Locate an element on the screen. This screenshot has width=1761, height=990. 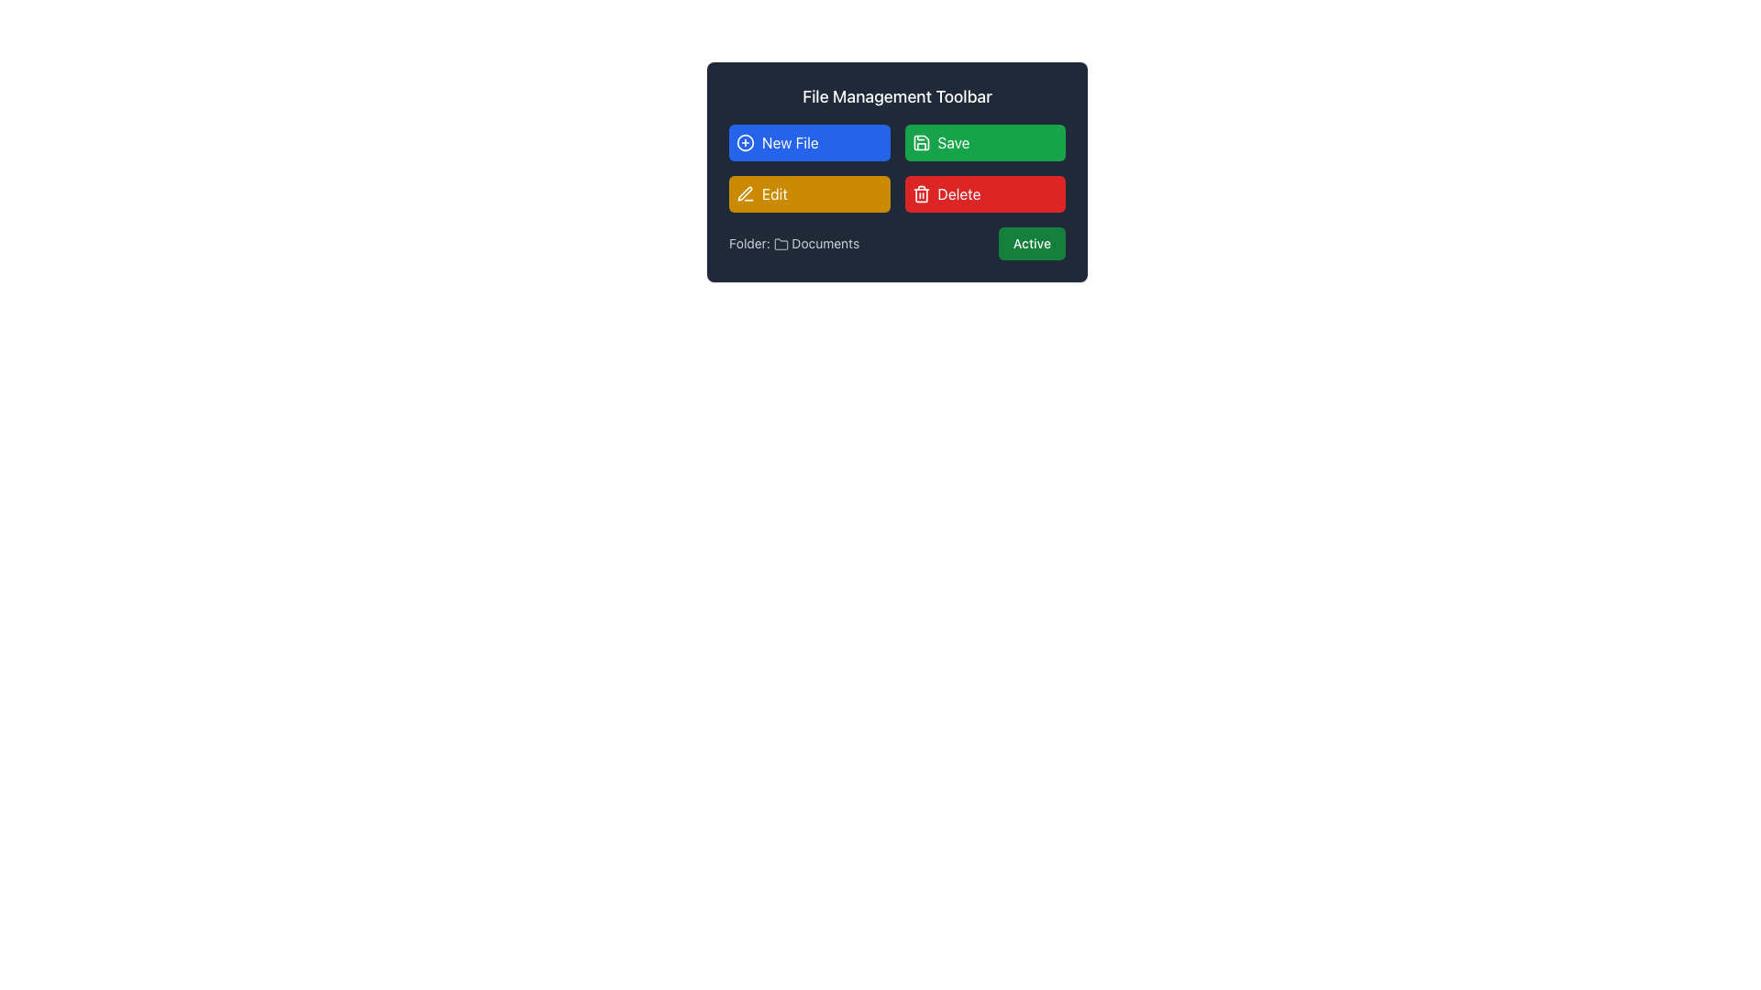
the 'Active' button displayed in white text on a green rectangular button with rounded corners, located below the 'Folder: Documents' text and to the right of a toolbar is located at coordinates (1032, 243).